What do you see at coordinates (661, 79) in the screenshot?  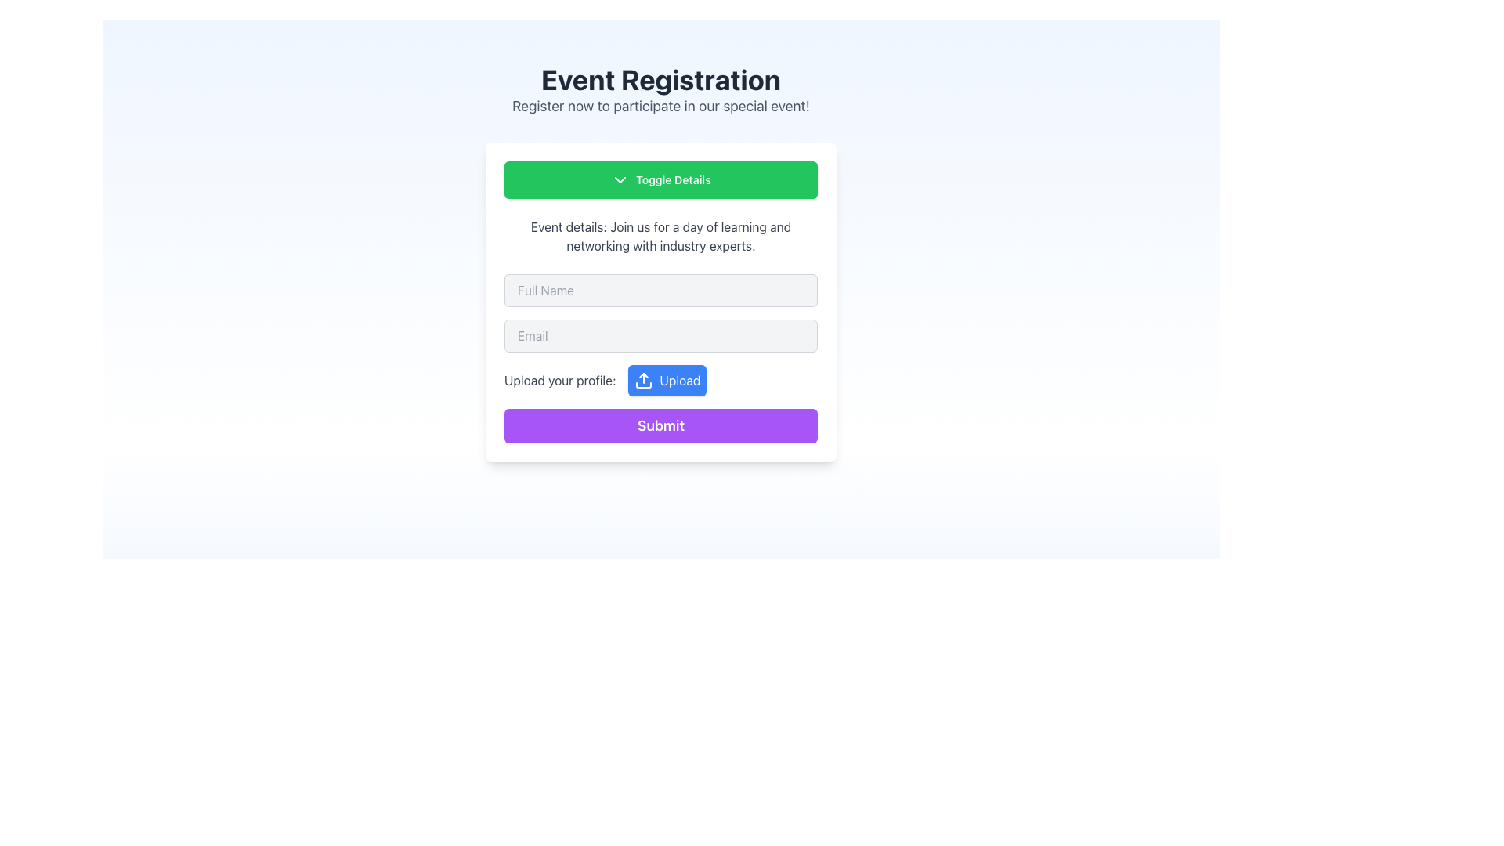 I see `header element displaying 'Event Registration' to understand the section's purpose, which is centrally positioned and styled prominently` at bounding box center [661, 79].